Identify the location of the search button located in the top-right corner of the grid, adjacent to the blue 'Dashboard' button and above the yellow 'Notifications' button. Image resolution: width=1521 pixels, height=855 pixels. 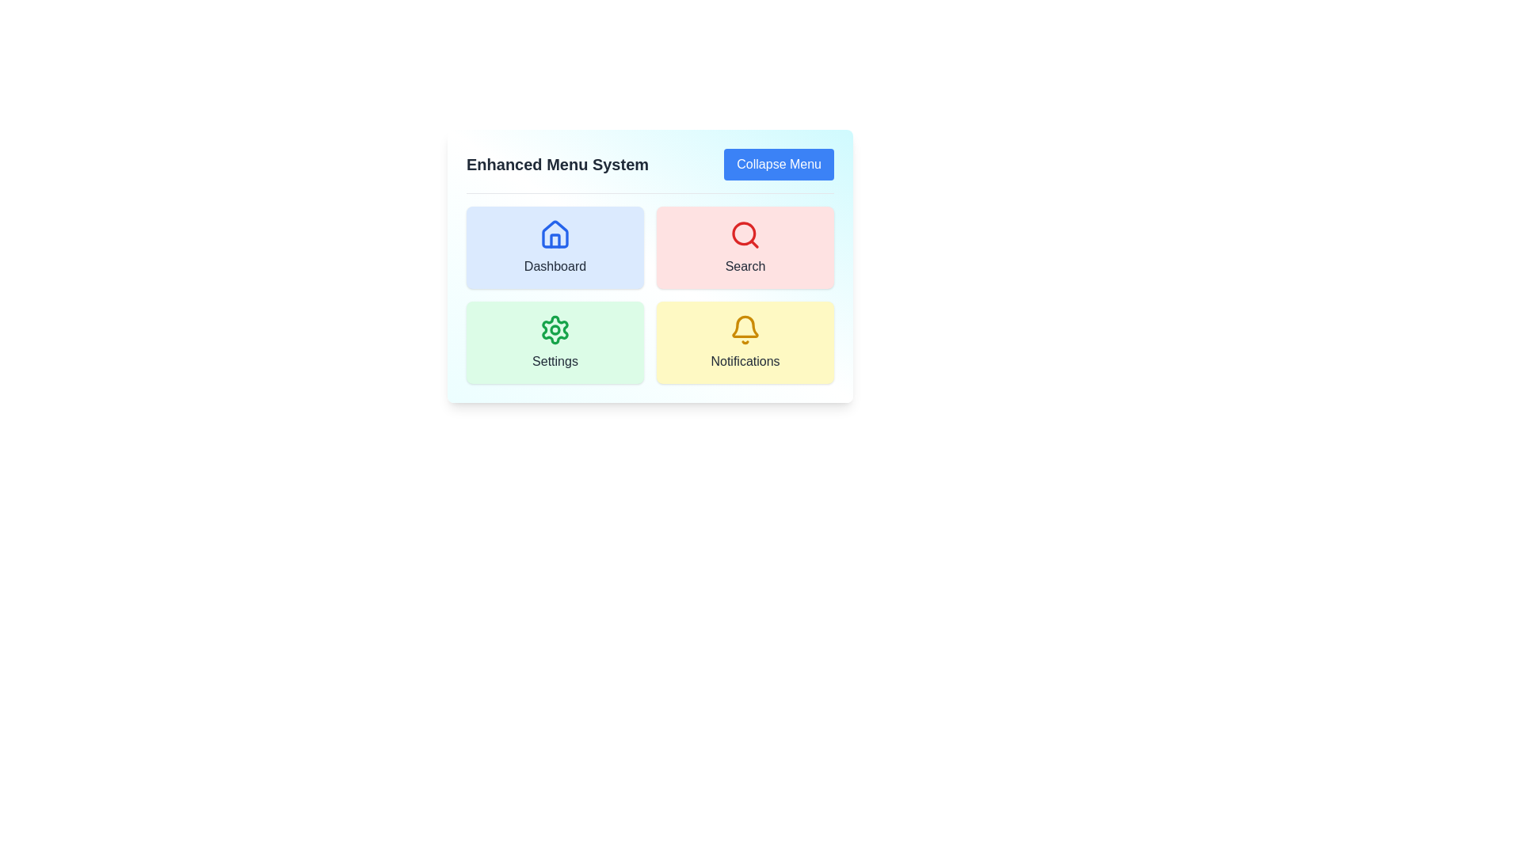
(744, 247).